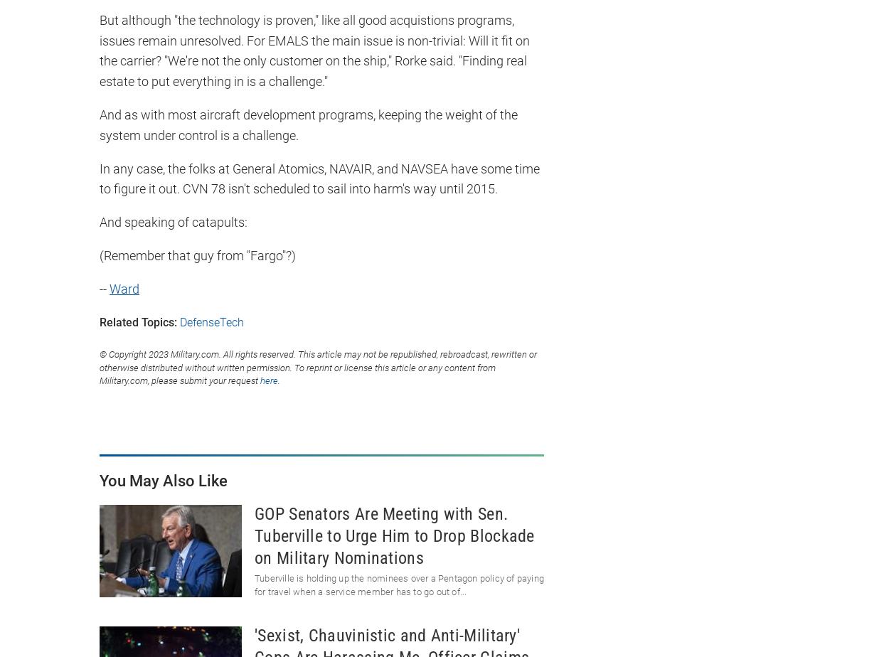 This screenshot has width=889, height=657. What do you see at coordinates (394, 535) in the screenshot?
I see `'GOP Senators Are Meeting with Sen. Tuberville to Urge Him to Drop Blockade on Military Nominations'` at bounding box center [394, 535].